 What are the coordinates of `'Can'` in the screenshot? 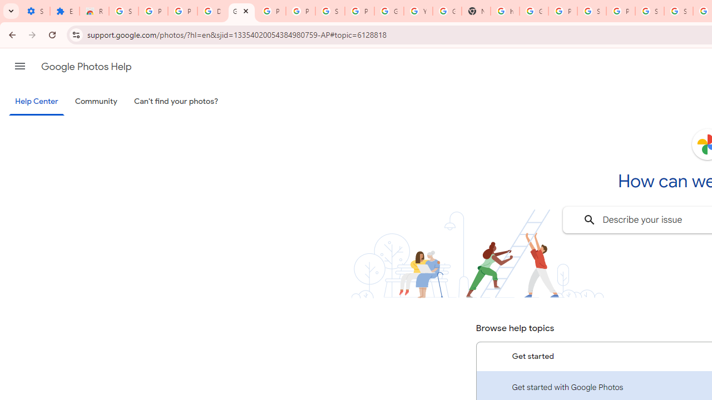 It's located at (176, 102).